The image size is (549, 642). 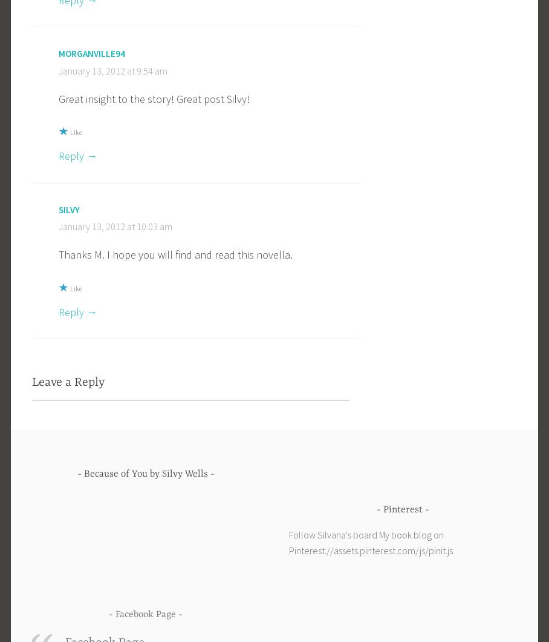 What do you see at coordinates (32, 382) in the screenshot?
I see `'Leave a Reply'` at bounding box center [32, 382].